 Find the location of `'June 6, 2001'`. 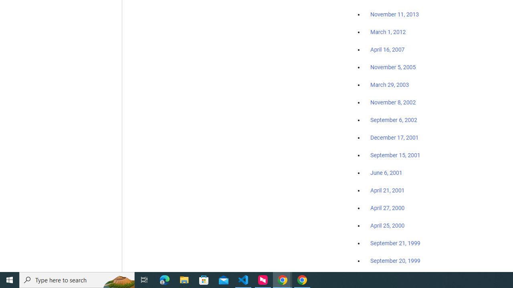

'June 6, 2001' is located at coordinates (386, 172).